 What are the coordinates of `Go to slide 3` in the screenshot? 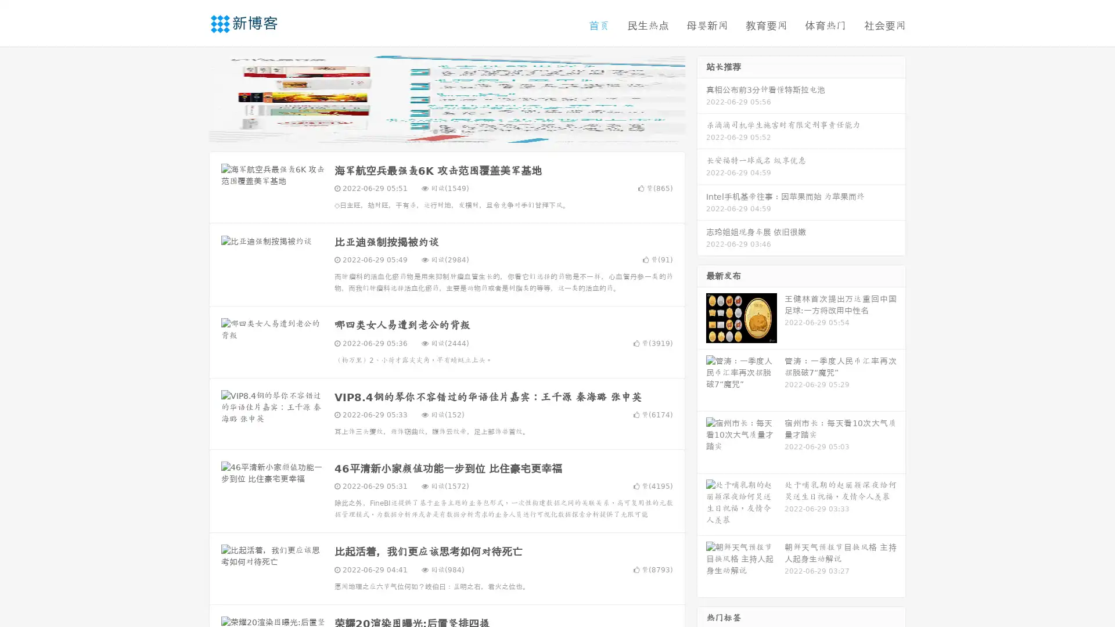 It's located at (458, 131).